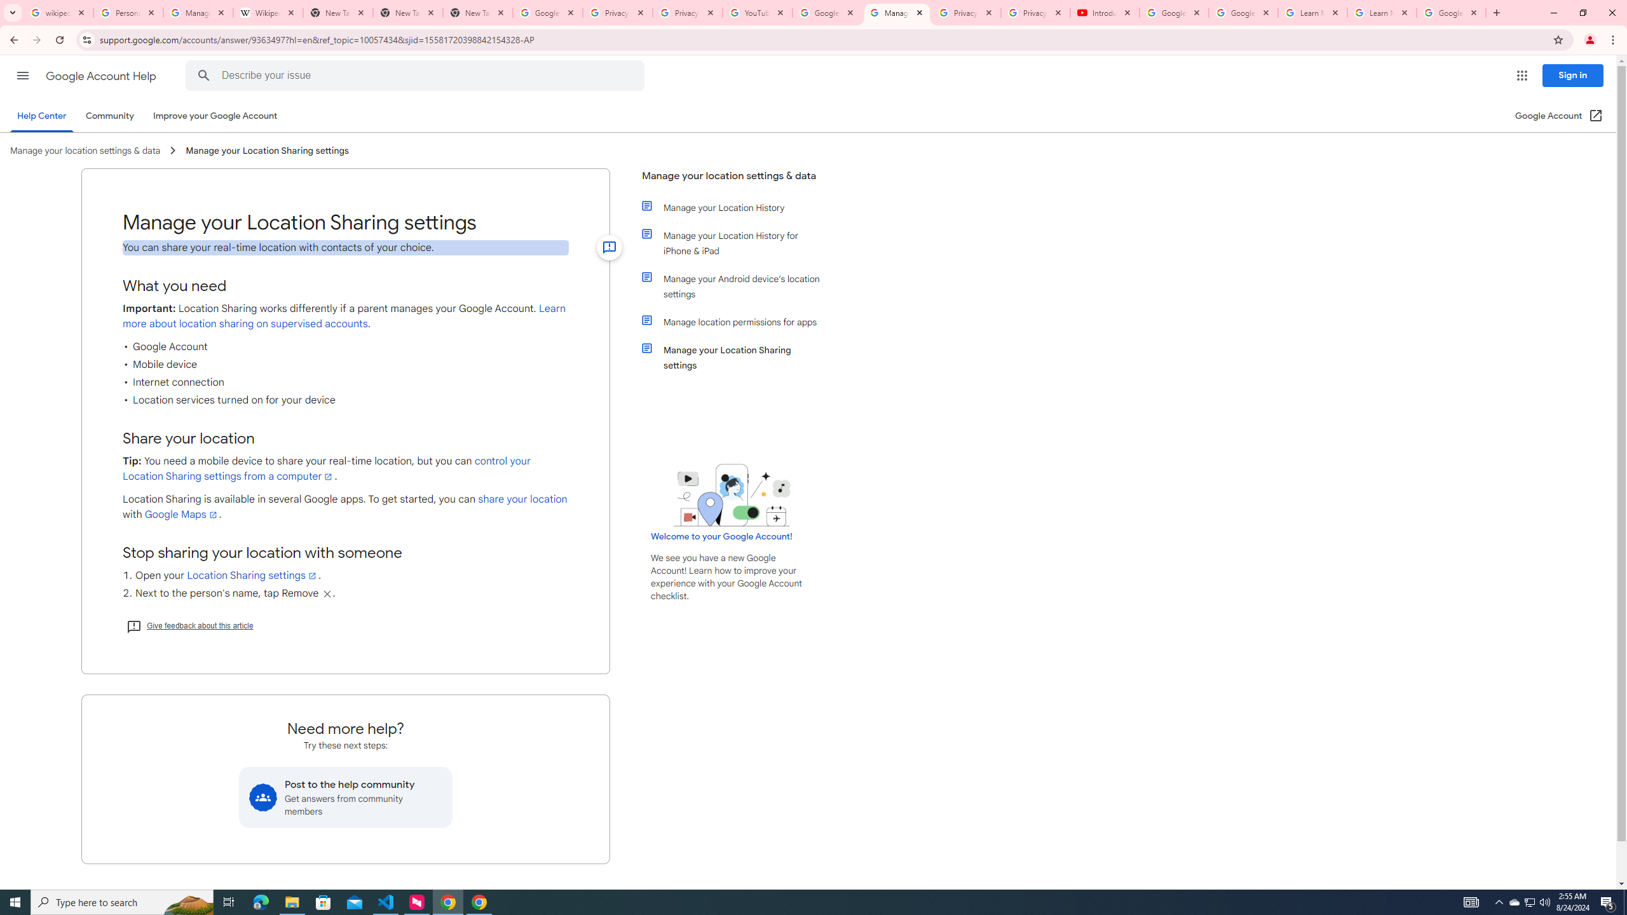 This screenshot has height=915, width=1627. Describe the element at coordinates (477, 12) in the screenshot. I see `'New Tab'` at that location.